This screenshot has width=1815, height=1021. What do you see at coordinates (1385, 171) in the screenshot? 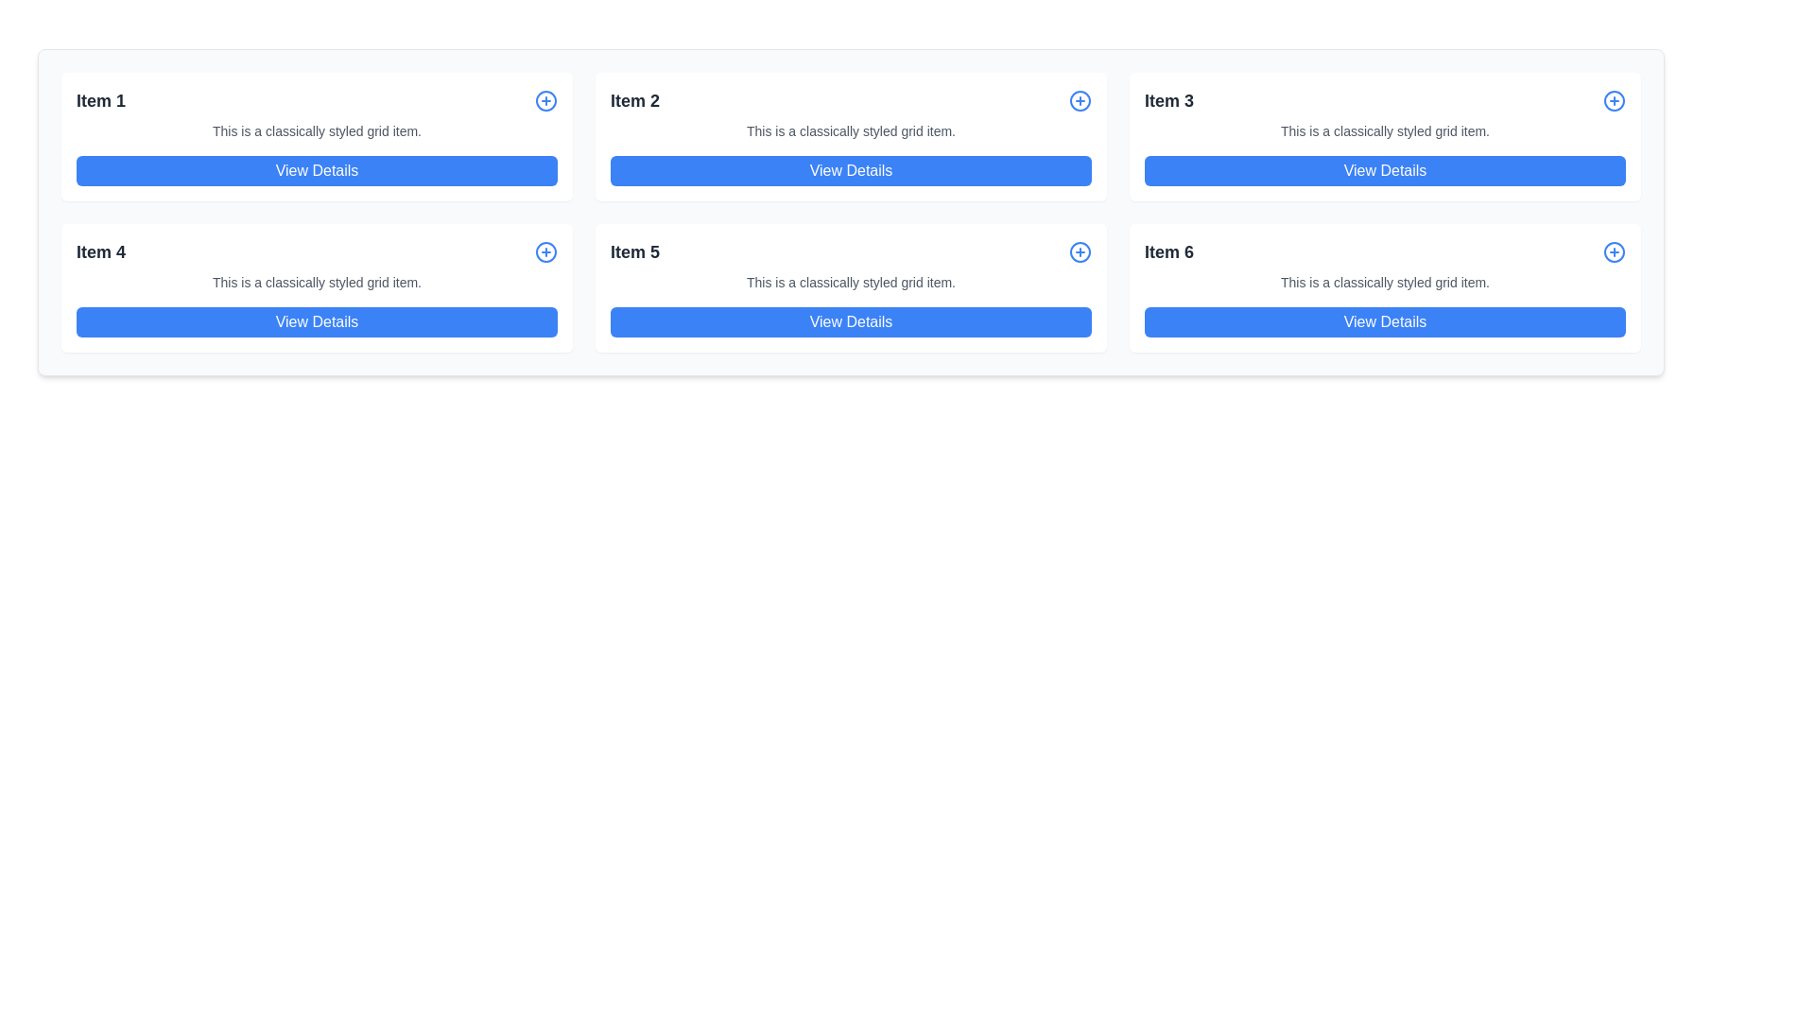
I see `the button located beneath the text description 'This is a classically styled grid item'` at bounding box center [1385, 171].